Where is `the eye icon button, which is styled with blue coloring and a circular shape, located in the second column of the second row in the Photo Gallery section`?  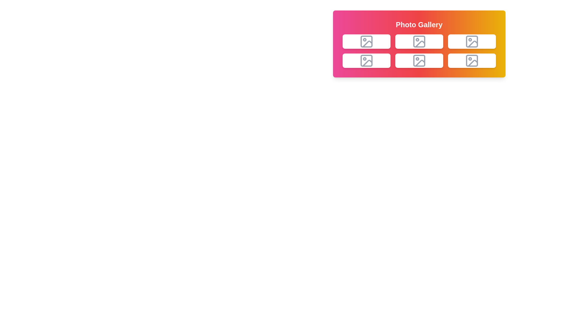 the eye icon button, which is styled with blue coloring and a circular shape, located in the second column of the second row in the Photo Gallery section is located at coordinates (411, 61).